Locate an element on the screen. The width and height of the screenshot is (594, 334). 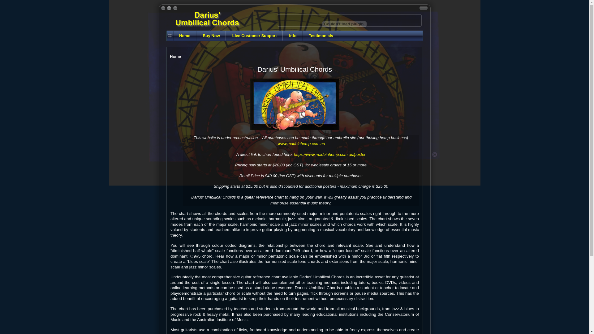
'https://www.madeinhemp.com.au/poster' is located at coordinates (329, 154).